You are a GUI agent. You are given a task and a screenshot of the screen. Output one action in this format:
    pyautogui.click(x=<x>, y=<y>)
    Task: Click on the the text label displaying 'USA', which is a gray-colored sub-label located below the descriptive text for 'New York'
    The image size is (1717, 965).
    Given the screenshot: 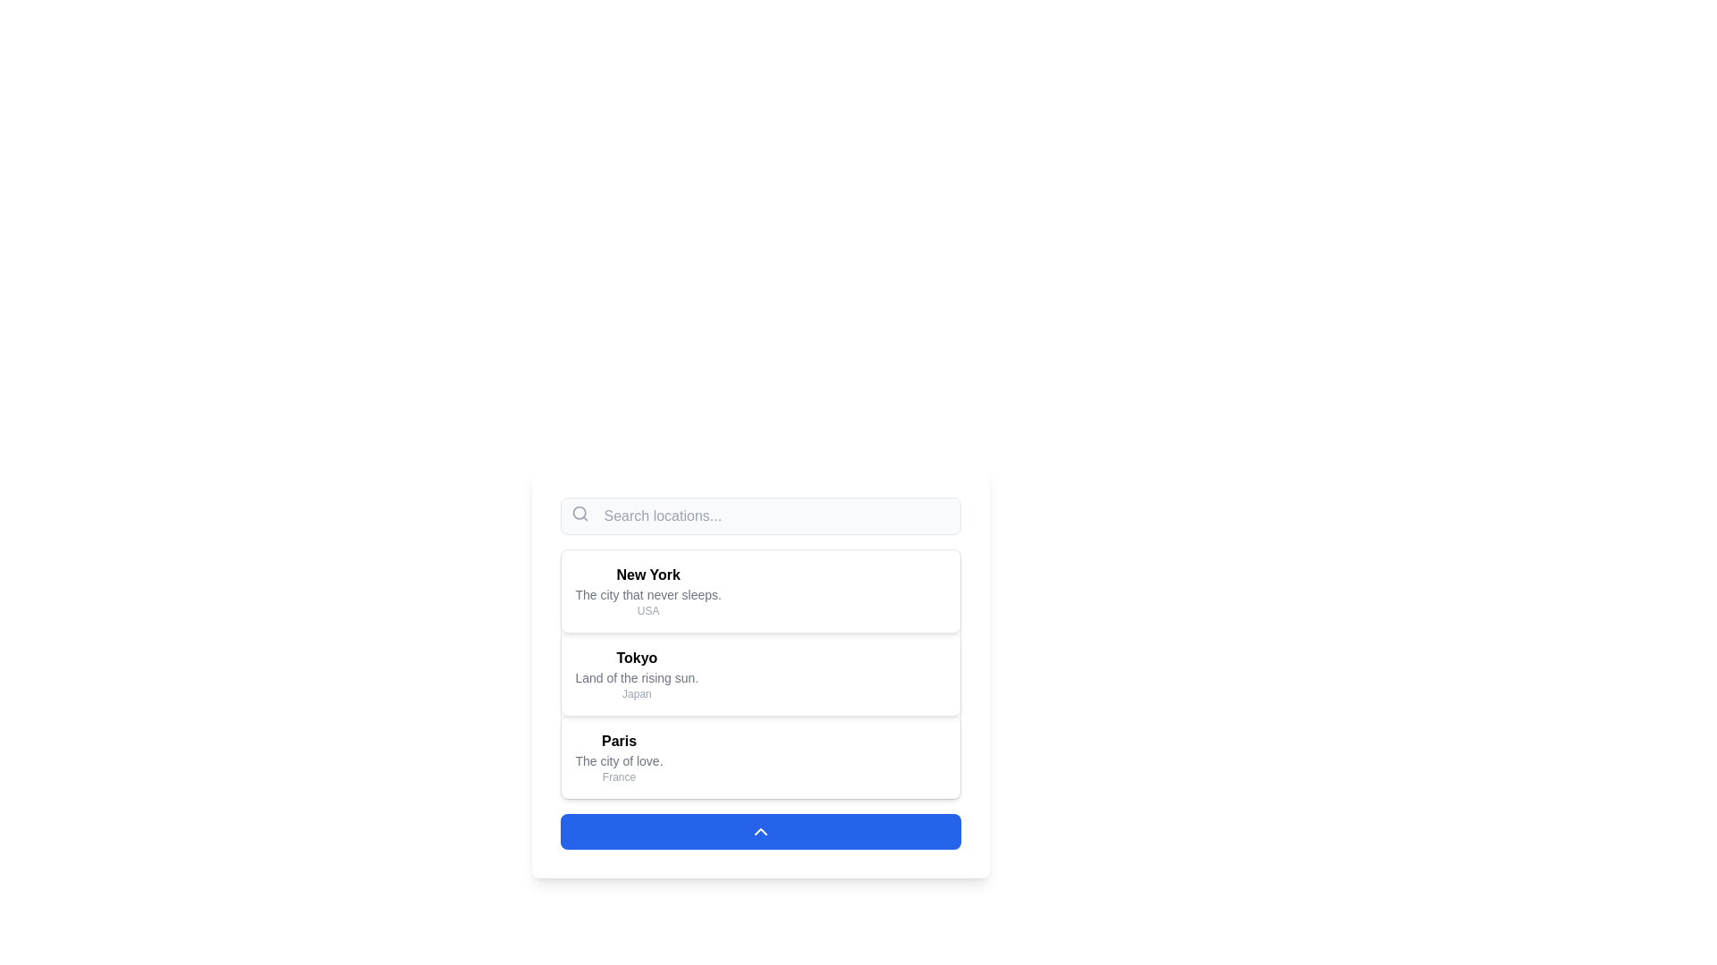 What is the action you would take?
    pyautogui.click(x=647, y=609)
    